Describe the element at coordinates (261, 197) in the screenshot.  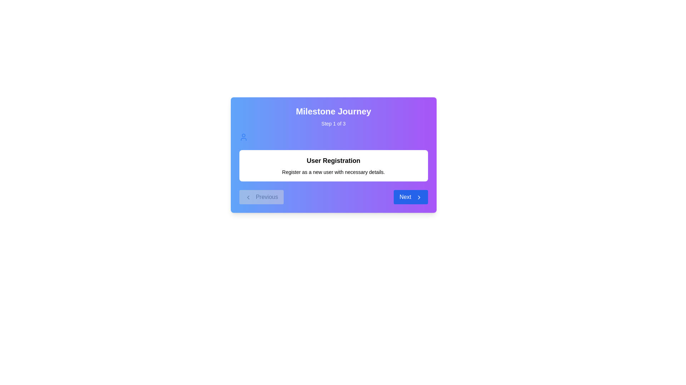
I see `the 'Previous' button located at the bottom left corner of the panel` at that location.